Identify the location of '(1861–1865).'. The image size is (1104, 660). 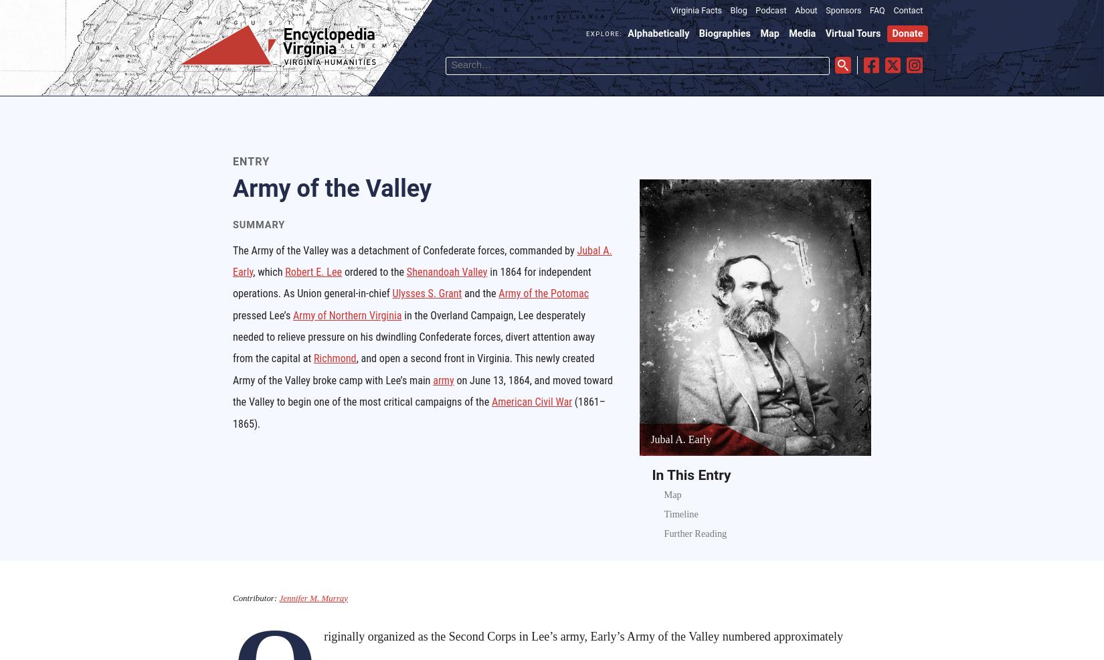
(418, 412).